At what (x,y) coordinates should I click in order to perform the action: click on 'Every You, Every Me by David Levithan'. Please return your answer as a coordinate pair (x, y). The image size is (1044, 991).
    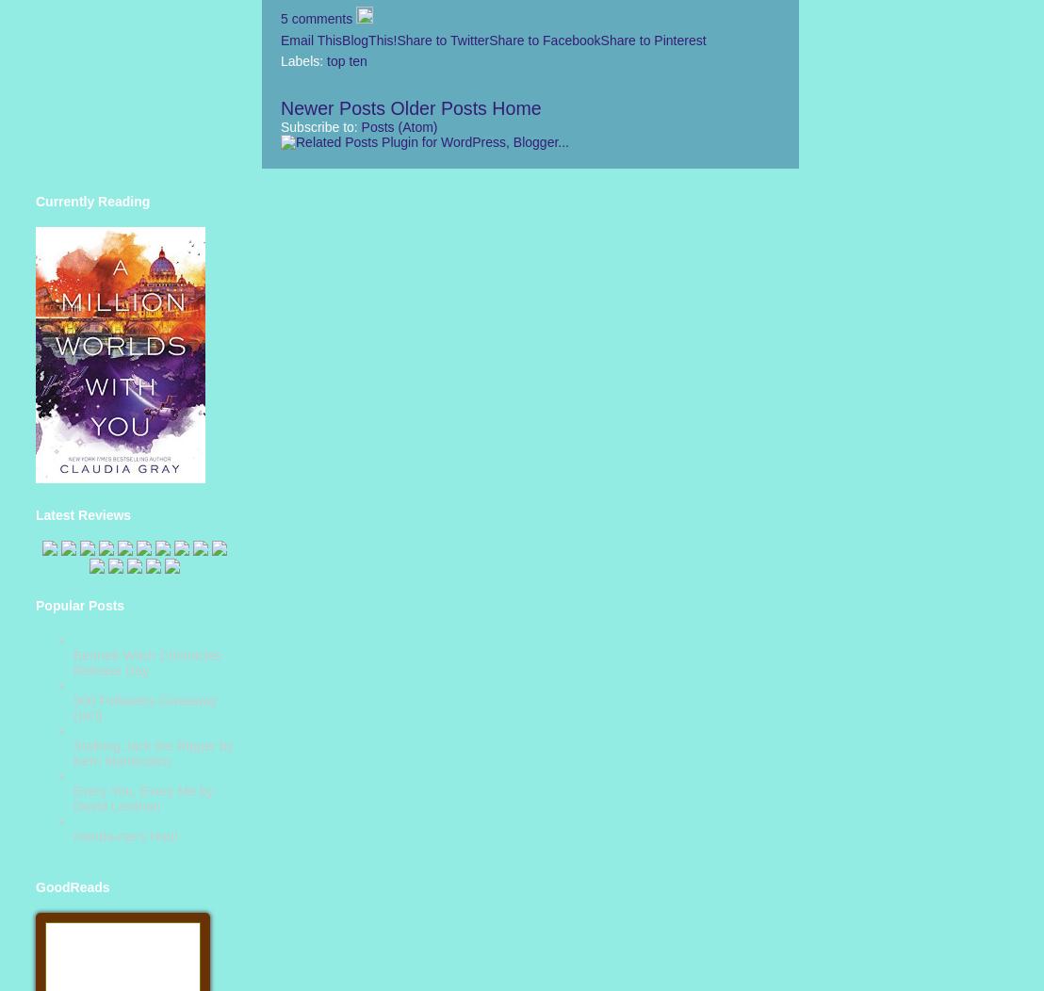
    Looking at the image, I should click on (73, 798).